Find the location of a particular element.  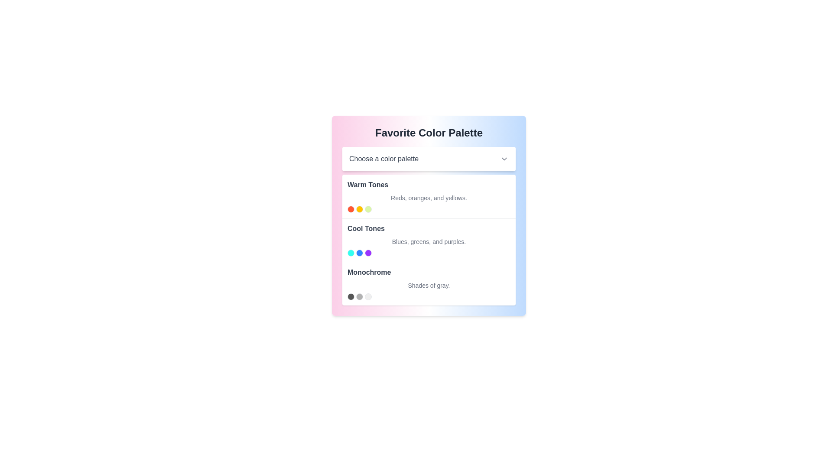

the description of the 'Cool Tones' color theme in the selection list item located beneath the 'Favorite Color Palette' header is located at coordinates (429, 225).